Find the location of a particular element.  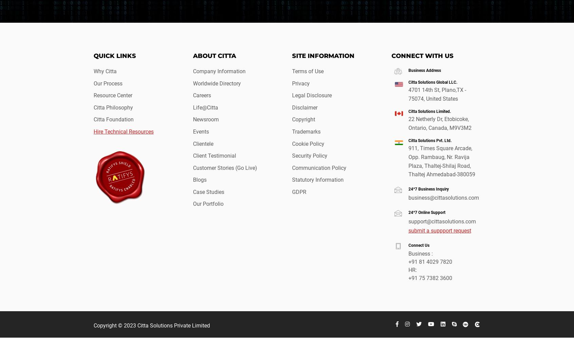

'Privacy' is located at coordinates (300, 83).